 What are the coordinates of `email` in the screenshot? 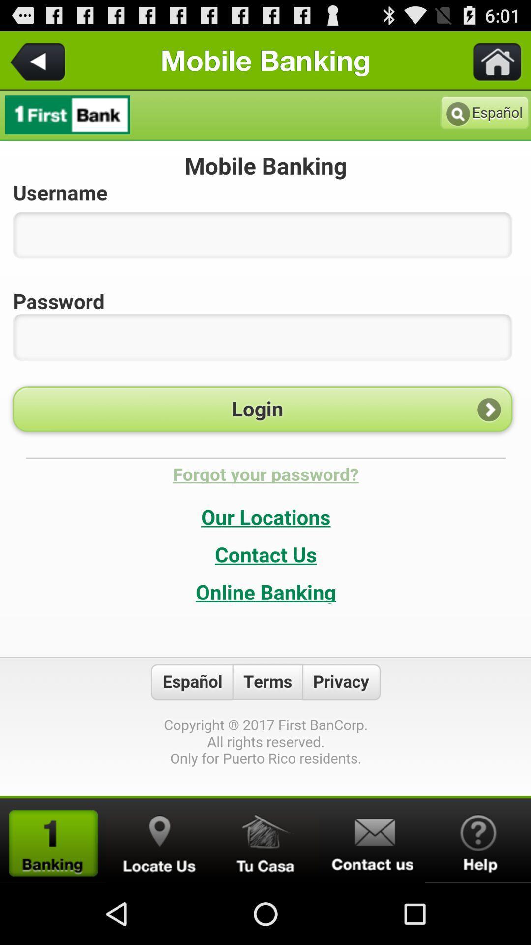 It's located at (372, 840).